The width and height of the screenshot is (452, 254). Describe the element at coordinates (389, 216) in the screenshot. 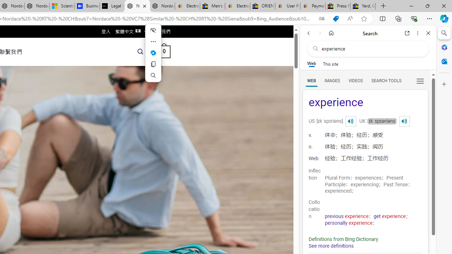

I see `'get experience'` at that location.